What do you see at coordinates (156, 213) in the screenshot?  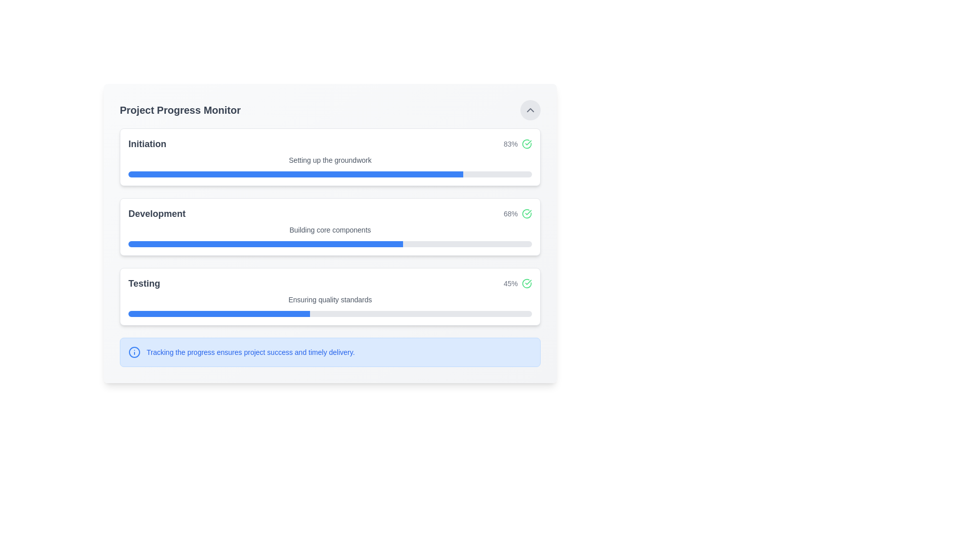 I see `the text element displaying the word 'Development', which is styled with a larger font size and bold weight, located in the middle section of a progress tracking interface` at bounding box center [156, 213].